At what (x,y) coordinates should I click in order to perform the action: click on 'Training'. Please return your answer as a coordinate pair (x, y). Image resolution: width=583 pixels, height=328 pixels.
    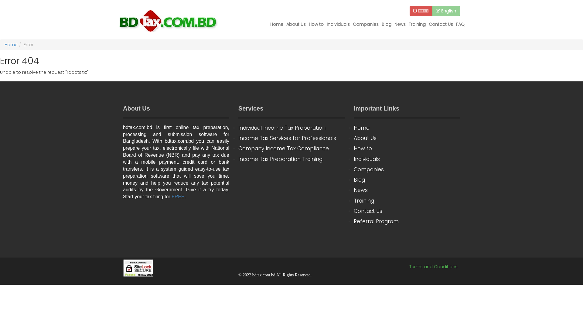
    Looking at the image, I should click on (417, 24).